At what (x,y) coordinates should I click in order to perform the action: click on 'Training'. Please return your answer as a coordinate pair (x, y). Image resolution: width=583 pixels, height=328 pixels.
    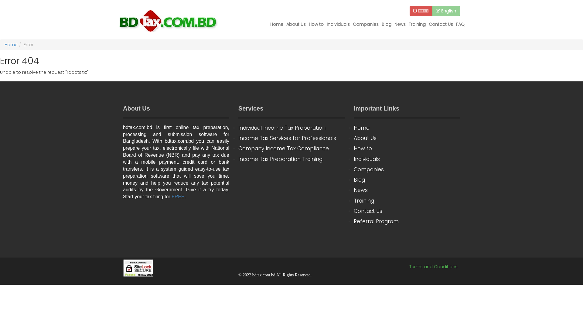
    Looking at the image, I should click on (417, 24).